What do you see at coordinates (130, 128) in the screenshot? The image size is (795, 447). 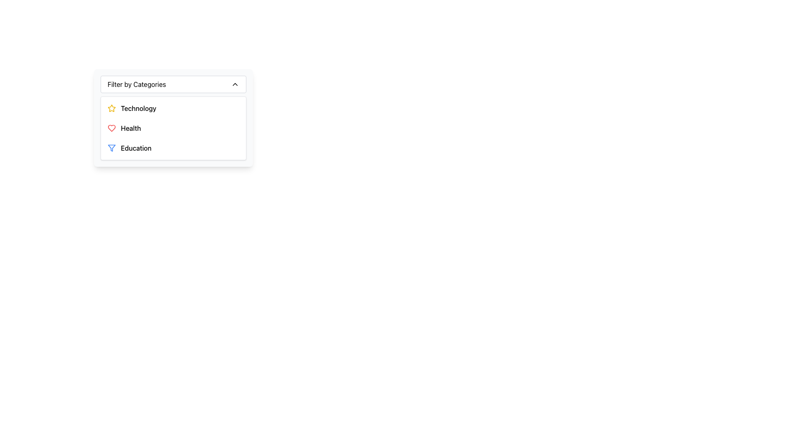 I see `the 'Health' text label, which is the second item in the dropdown list under 'Filter by Categories,' positioned to the right of a red heart icon` at bounding box center [130, 128].